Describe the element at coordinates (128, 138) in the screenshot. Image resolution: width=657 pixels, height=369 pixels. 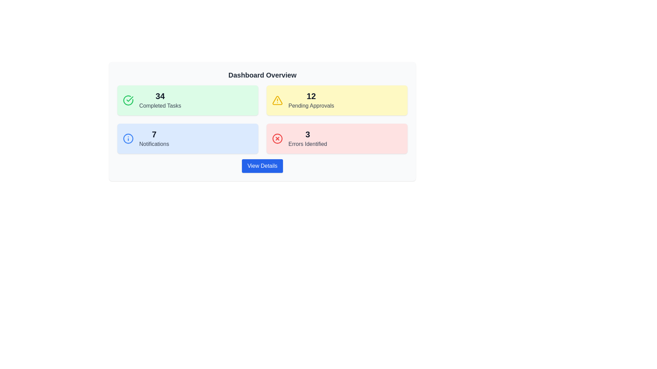
I see `the icon representing notifications, located within the blue notification card in the bottom-left quadrant of the dashboard, to the left of the text '7 Notifications'` at that location.